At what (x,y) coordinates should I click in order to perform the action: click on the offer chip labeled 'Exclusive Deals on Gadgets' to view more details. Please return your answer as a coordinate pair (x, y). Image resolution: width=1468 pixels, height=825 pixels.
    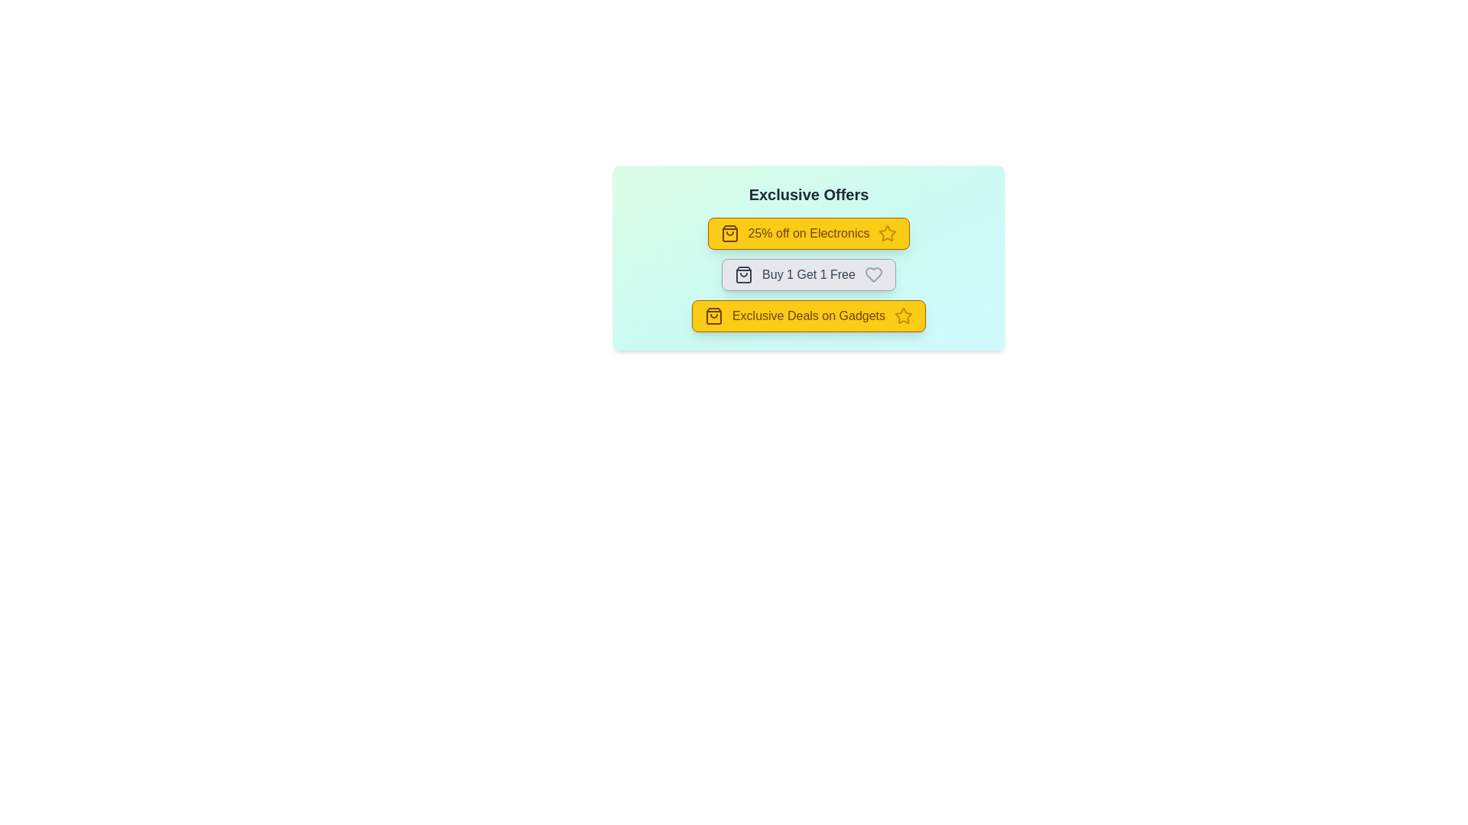
    Looking at the image, I should click on (807, 315).